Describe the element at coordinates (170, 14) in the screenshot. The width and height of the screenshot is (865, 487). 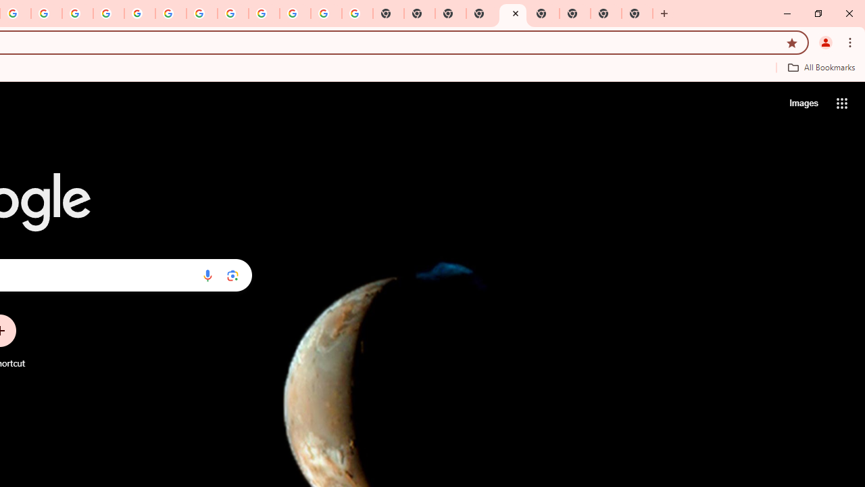
I see `'YouTube'` at that location.